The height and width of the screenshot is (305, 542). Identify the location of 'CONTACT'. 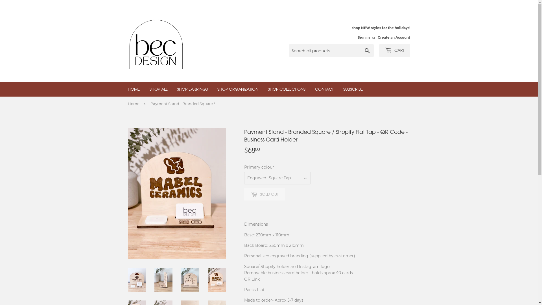
(310, 89).